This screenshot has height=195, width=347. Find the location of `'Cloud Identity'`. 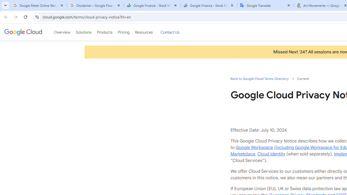

'Cloud Identity' is located at coordinates (271, 154).